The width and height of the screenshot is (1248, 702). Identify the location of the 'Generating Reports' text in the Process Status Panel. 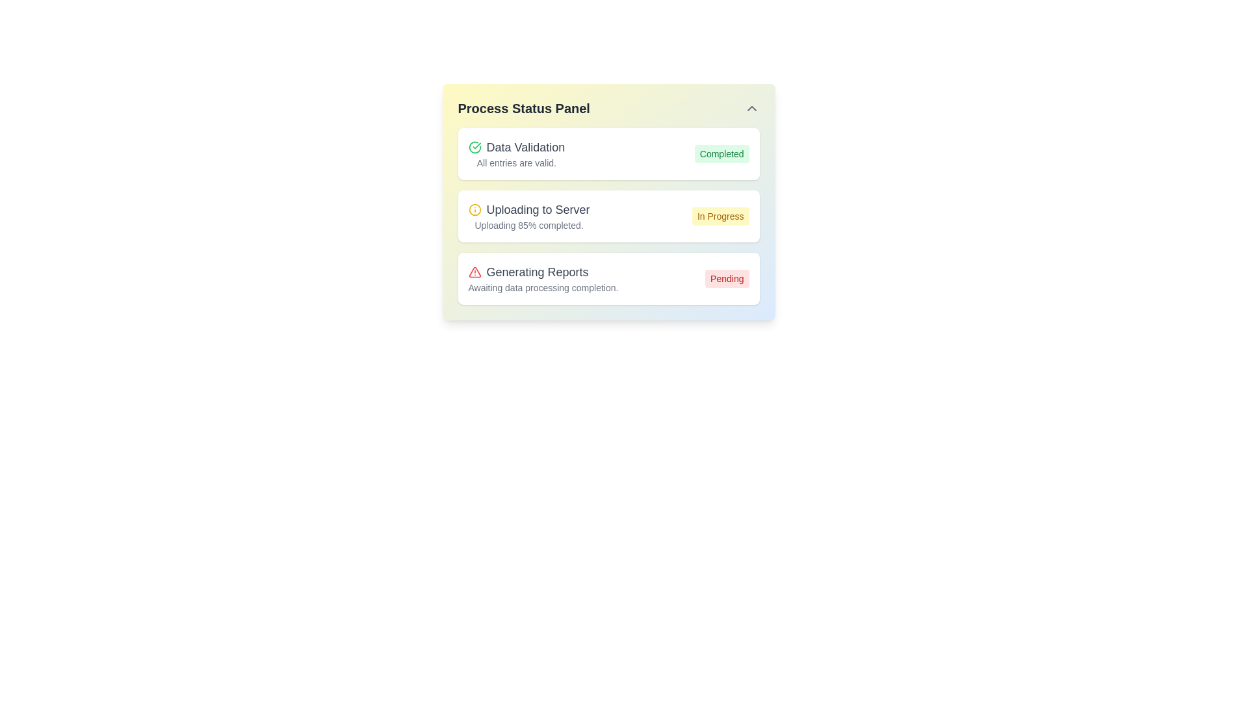
(543, 278).